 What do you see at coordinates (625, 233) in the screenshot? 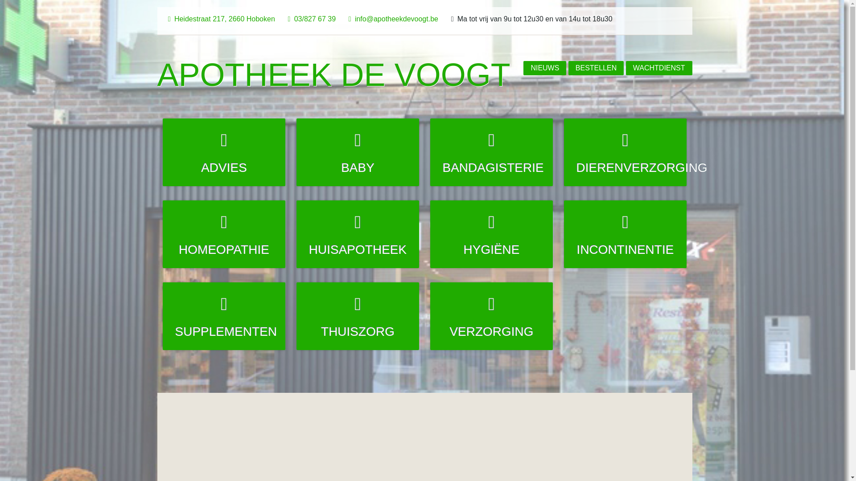
I see `'INCONTINENTIE'` at bounding box center [625, 233].